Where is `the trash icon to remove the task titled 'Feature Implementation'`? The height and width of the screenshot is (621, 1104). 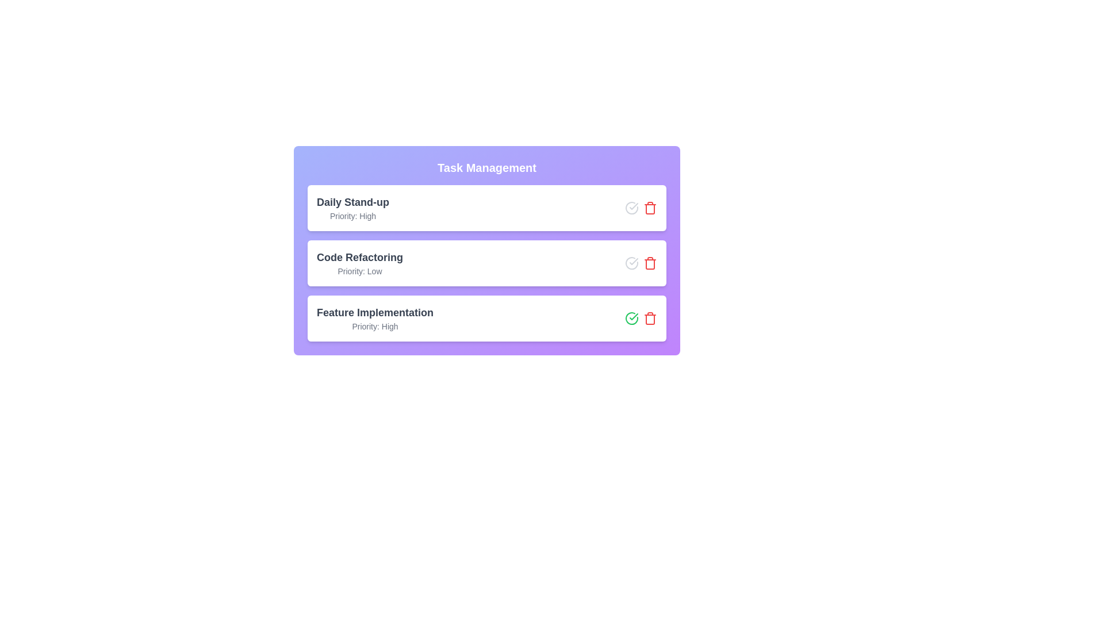
the trash icon to remove the task titled 'Feature Implementation' is located at coordinates (650, 319).